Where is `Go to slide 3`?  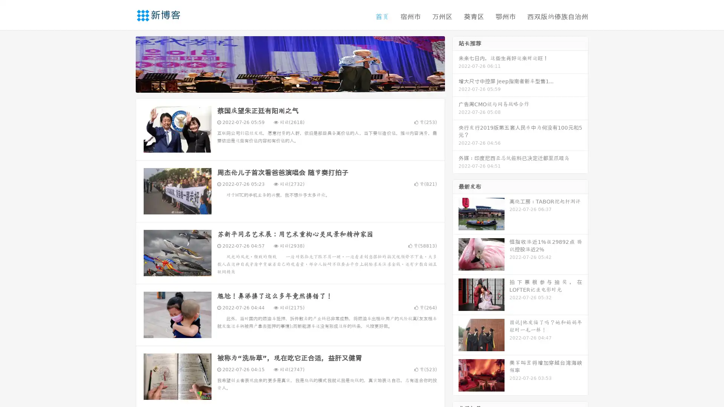
Go to slide 3 is located at coordinates (298, 85).